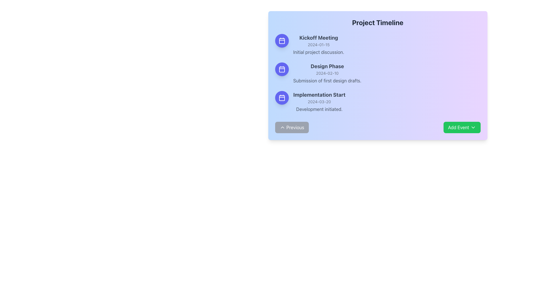  What do you see at coordinates (327, 80) in the screenshot?
I see `the informational text element containing the phrase 'Submission of first design drafts.' located in the 'Design Phase' section of the timeline interface` at bounding box center [327, 80].